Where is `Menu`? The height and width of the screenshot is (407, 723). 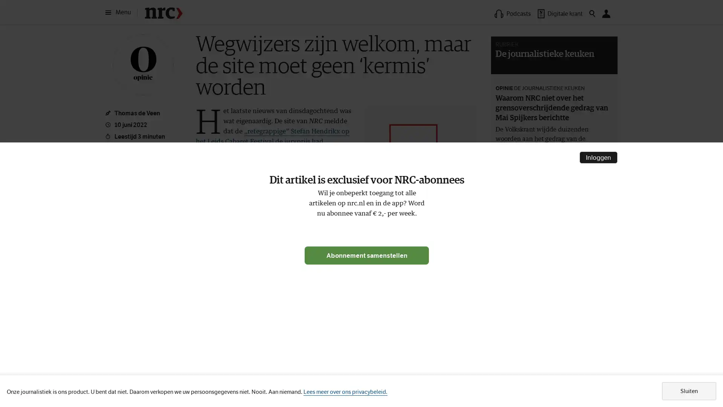 Menu is located at coordinates (120, 12).